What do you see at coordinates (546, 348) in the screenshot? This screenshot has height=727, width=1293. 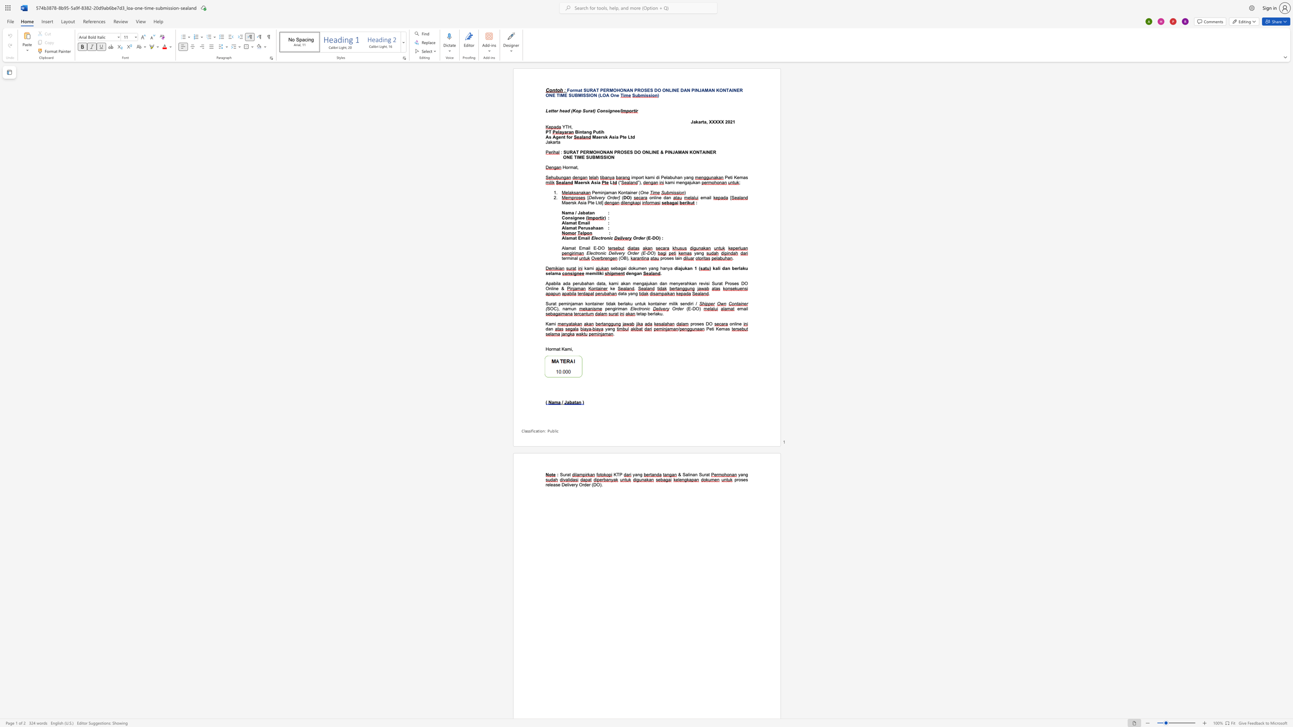 I see `the subset text "Horm" within the text "Hormat Kami,"` at bounding box center [546, 348].